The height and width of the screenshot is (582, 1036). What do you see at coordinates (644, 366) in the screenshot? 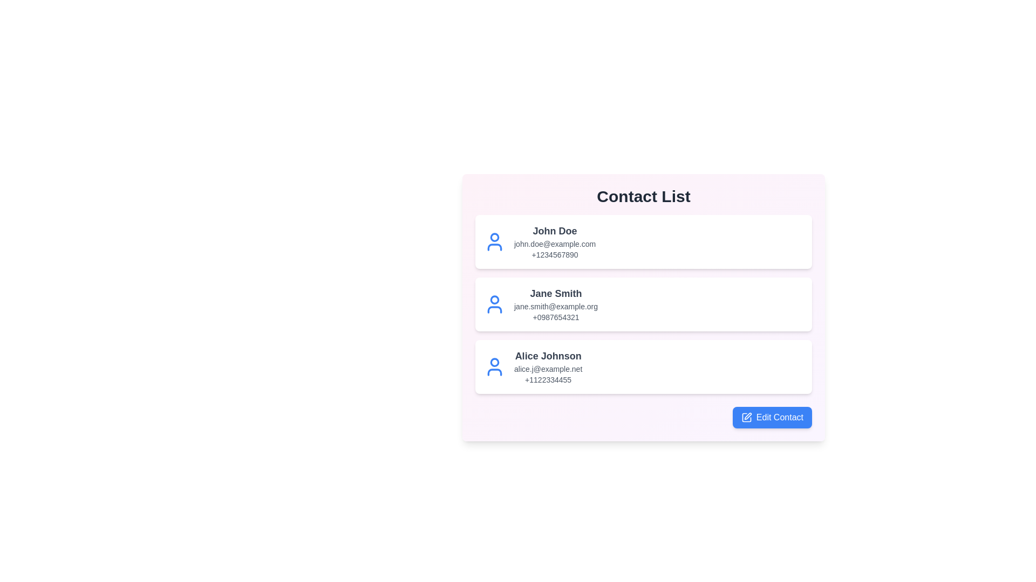
I see `the contact Alice Johnson to highlight it` at bounding box center [644, 366].